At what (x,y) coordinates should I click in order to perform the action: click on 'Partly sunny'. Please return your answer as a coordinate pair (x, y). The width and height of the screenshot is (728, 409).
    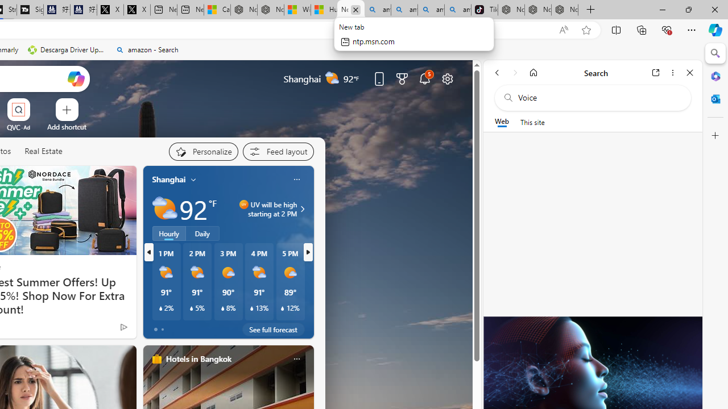
    Looking at the image, I should click on (164, 209).